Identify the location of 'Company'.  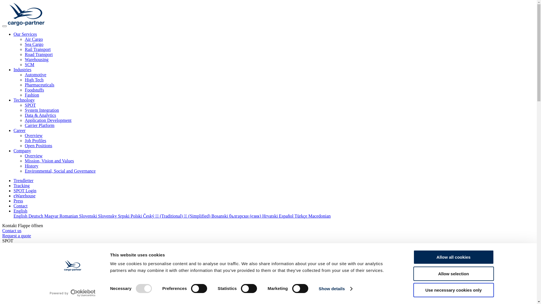
(22, 150).